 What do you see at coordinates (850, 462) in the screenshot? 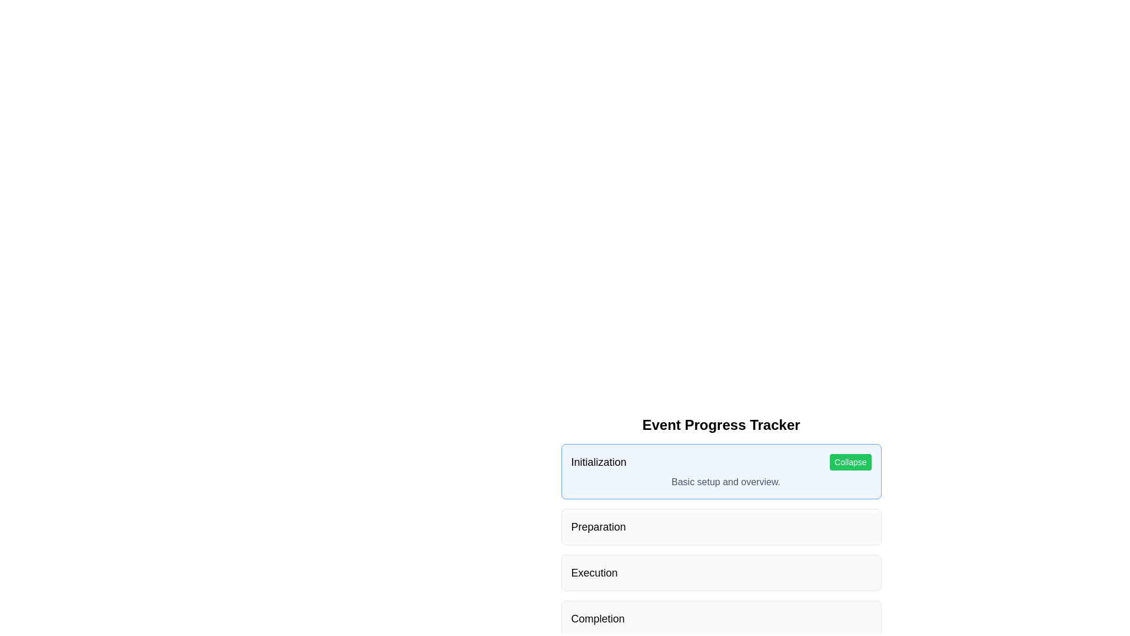
I see `the 'Collapse' button with a green background and white text located in the top-right corner of the 'Initialization' section` at bounding box center [850, 462].